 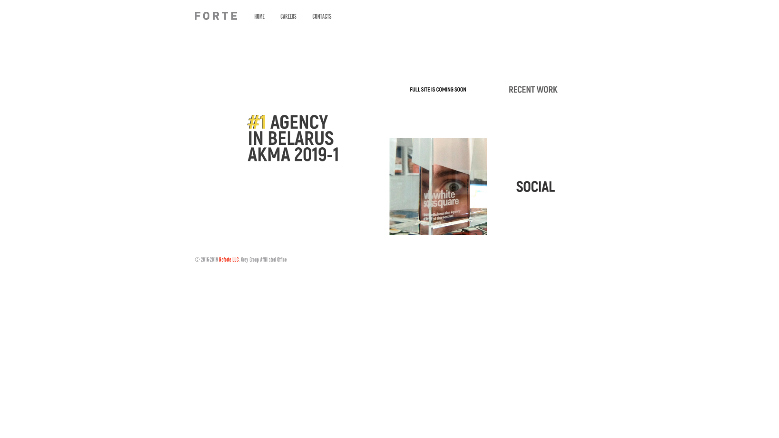 I want to click on 'CONTACTS', so click(x=321, y=16).